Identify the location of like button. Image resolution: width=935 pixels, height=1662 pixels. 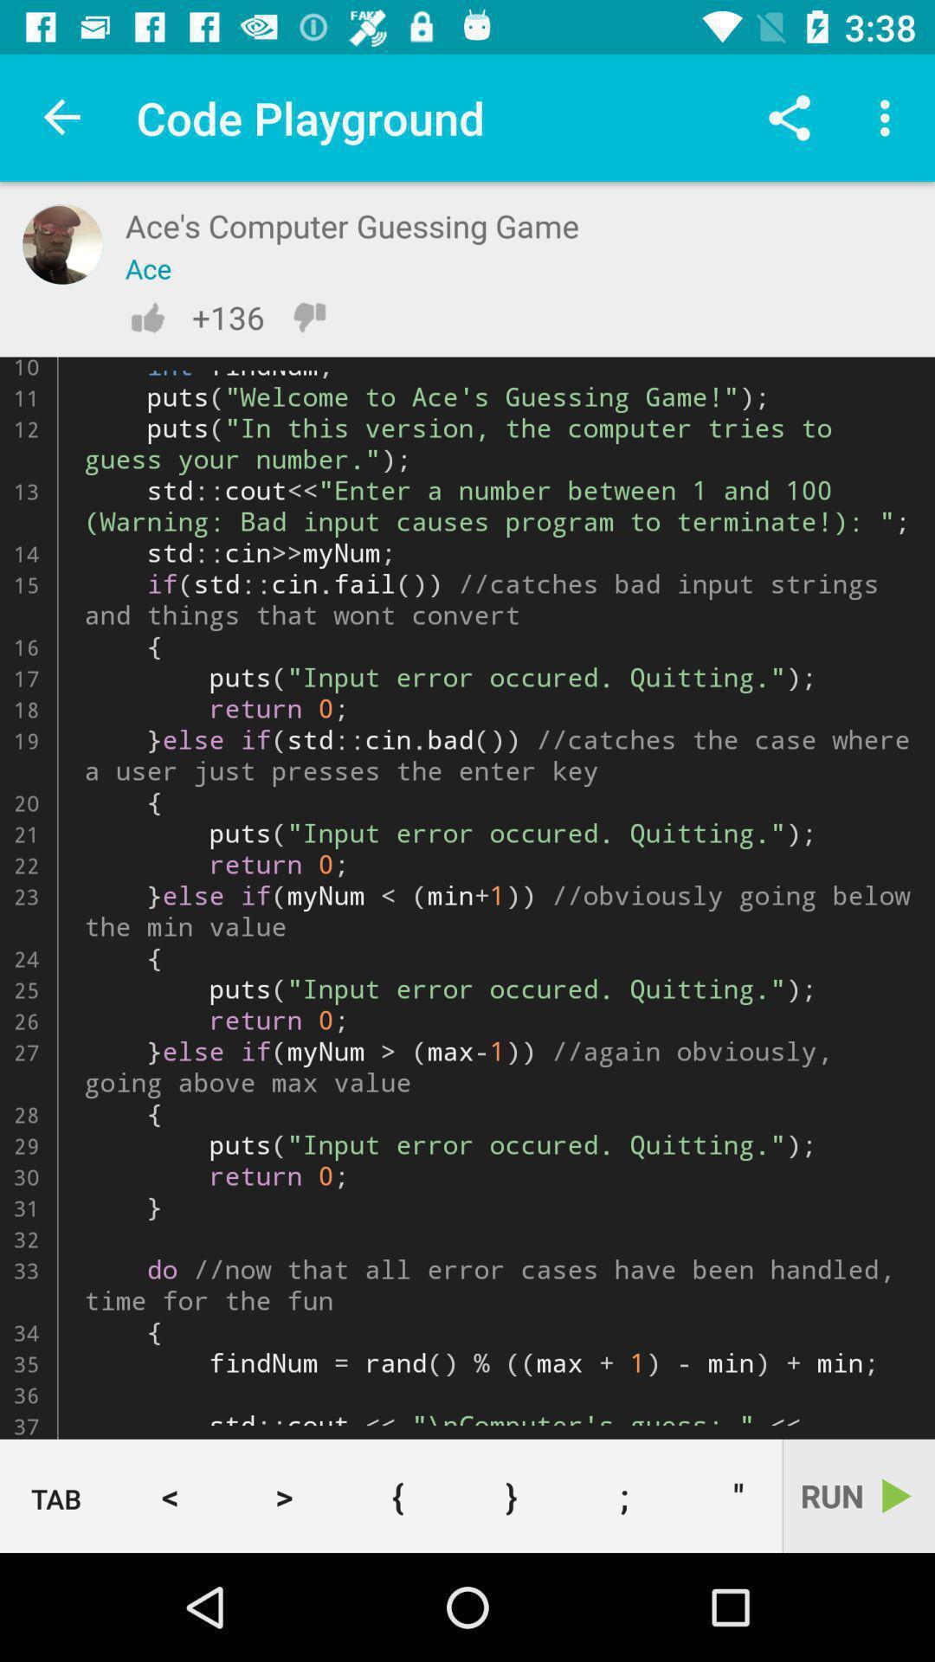
(146, 317).